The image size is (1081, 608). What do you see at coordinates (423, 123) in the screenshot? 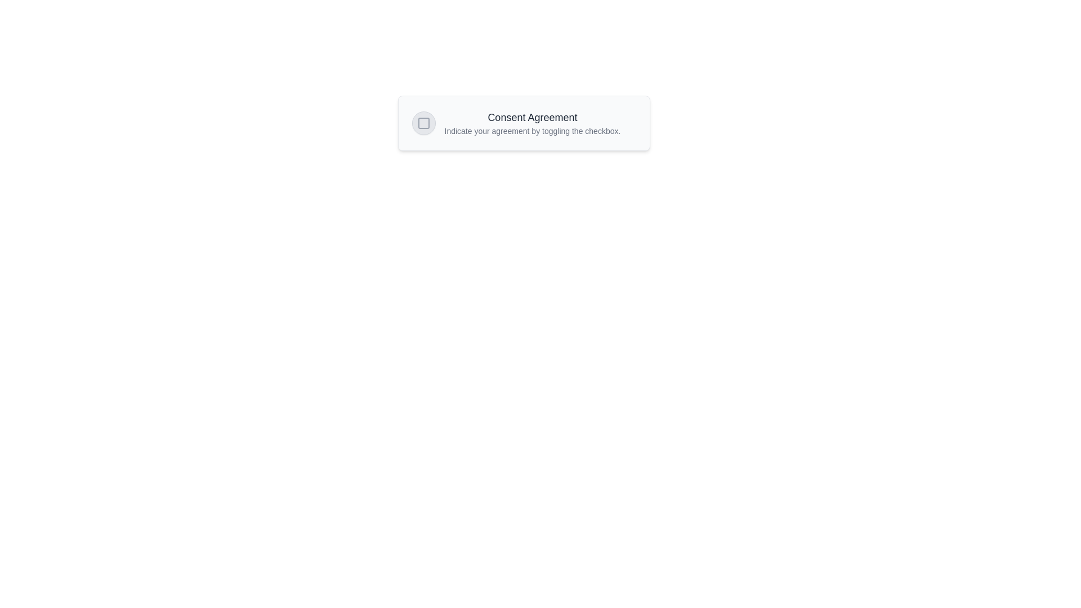
I see `the checkbox icon located within the circular button on the left side of the consent agreement block` at bounding box center [423, 123].